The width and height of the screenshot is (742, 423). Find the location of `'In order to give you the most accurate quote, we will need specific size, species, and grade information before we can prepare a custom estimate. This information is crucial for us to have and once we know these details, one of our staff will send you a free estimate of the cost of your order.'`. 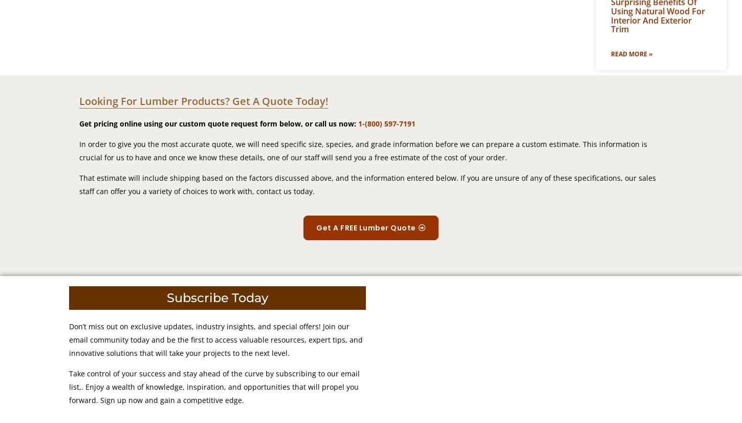

'In order to give you the most accurate quote, we will need specific size, species, and grade information before we can prepare a custom estimate. This information is crucial for us to have and once we know these details, one of our staff will send you a free estimate of the cost of your order.' is located at coordinates (79, 150).